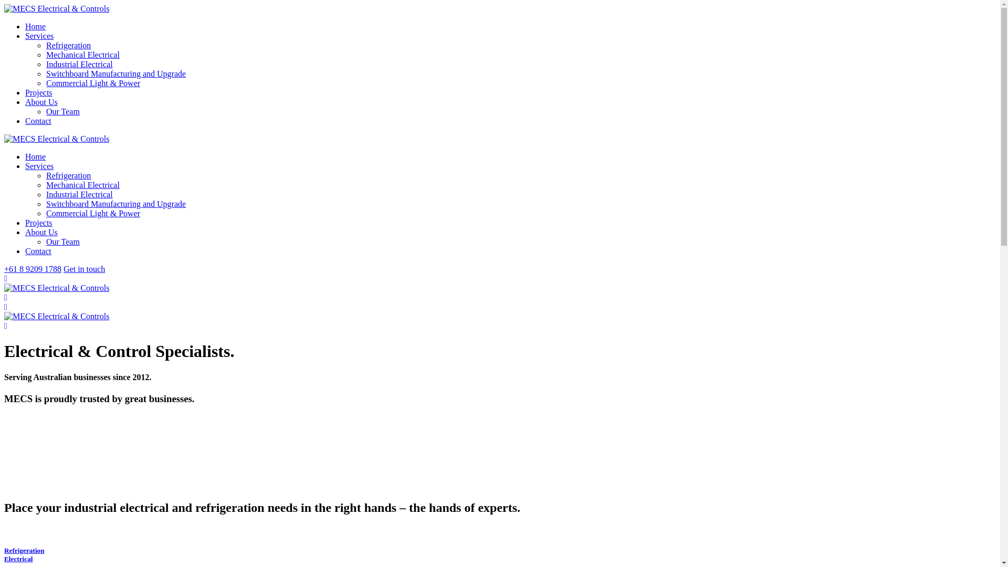 Image resolution: width=1008 pixels, height=567 pixels. I want to click on 'Switchboard Manufacturing and Upgrade', so click(115, 204).